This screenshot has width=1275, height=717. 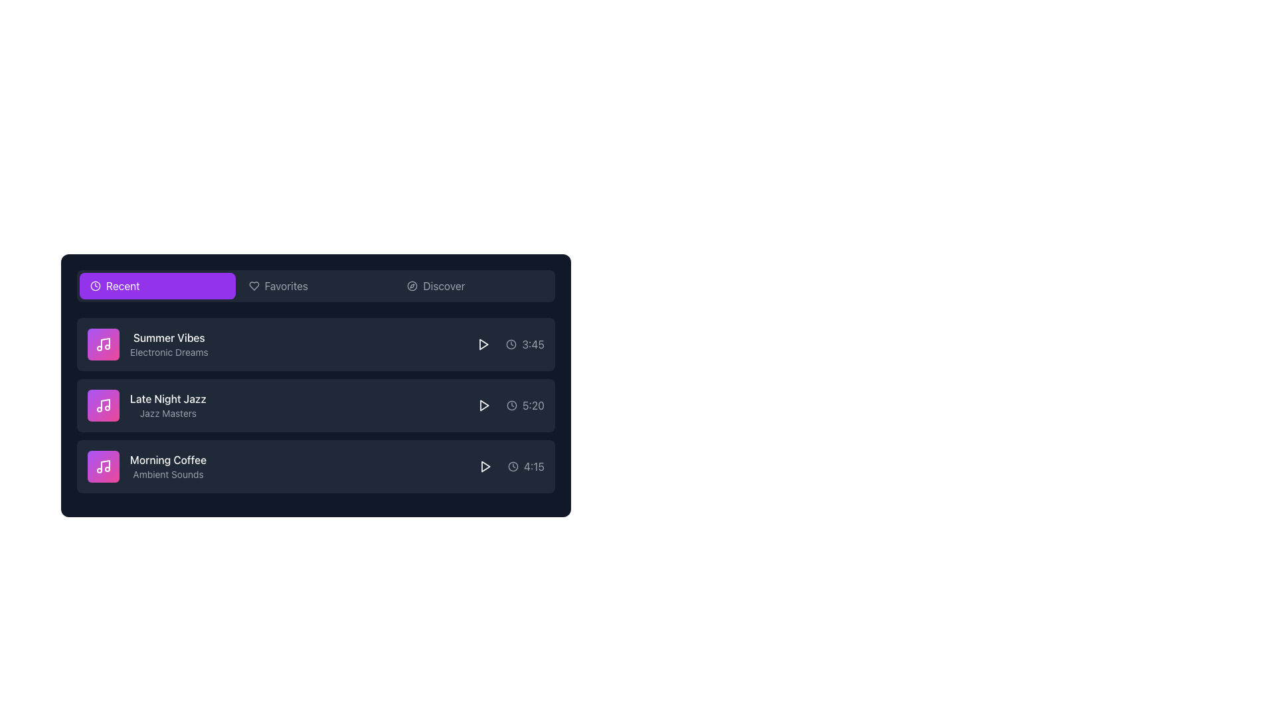 What do you see at coordinates (168, 337) in the screenshot?
I see `text label 'Summer Vibes', which serves as the title for the related music item located above the 'Electronic Dreams' text in the Recent tab` at bounding box center [168, 337].